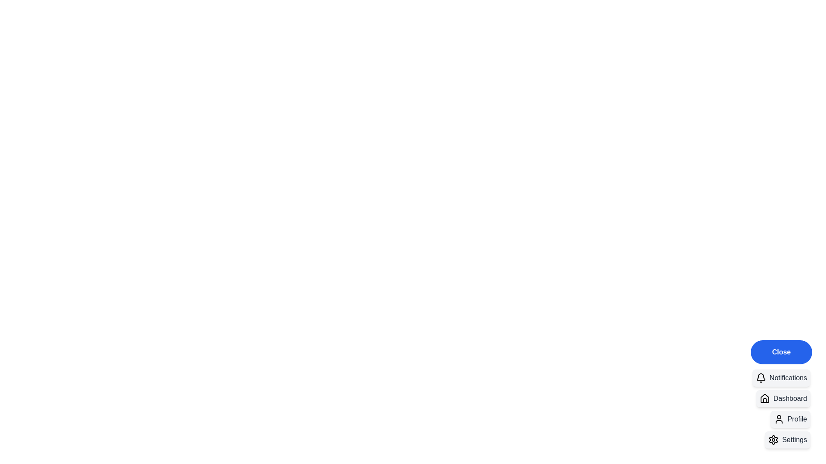 This screenshot has width=826, height=464. Describe the element at coordinates (783, 399) in the screenshot. I see `the 'Dashboard' button` at that location.